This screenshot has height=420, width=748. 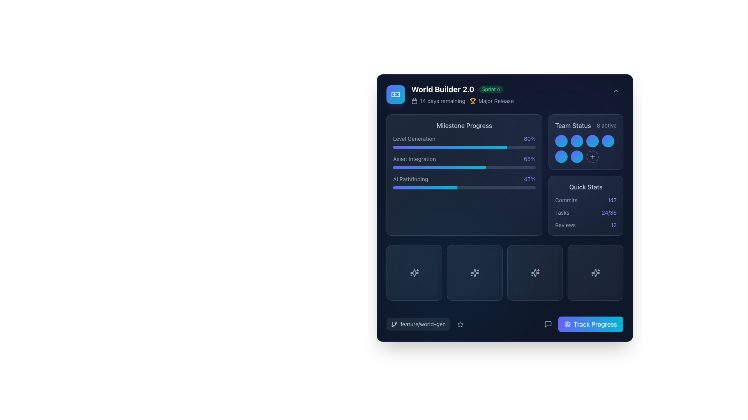 I want to click on the status indicator representing a team member's activity, so click(x=586, y=142).